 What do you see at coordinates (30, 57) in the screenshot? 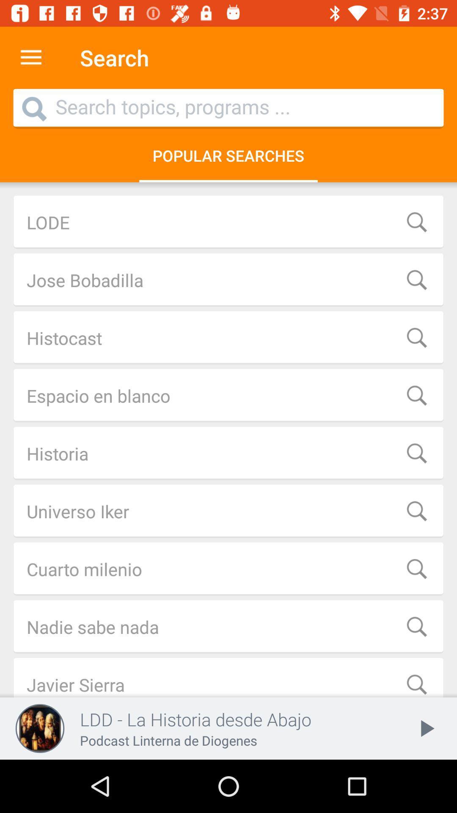
I see `item next to the search` at bounding box center [30, 57].